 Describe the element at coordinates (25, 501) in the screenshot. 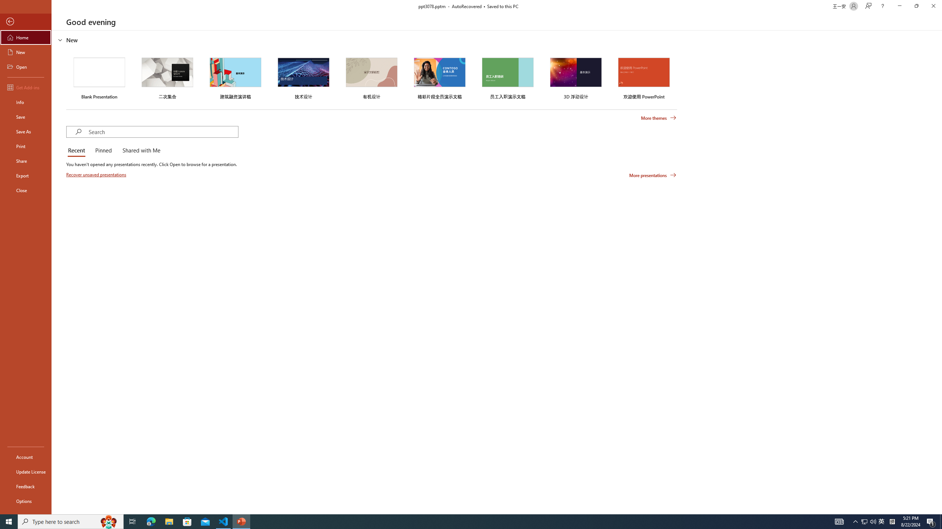

I see `'Options'` at that location.